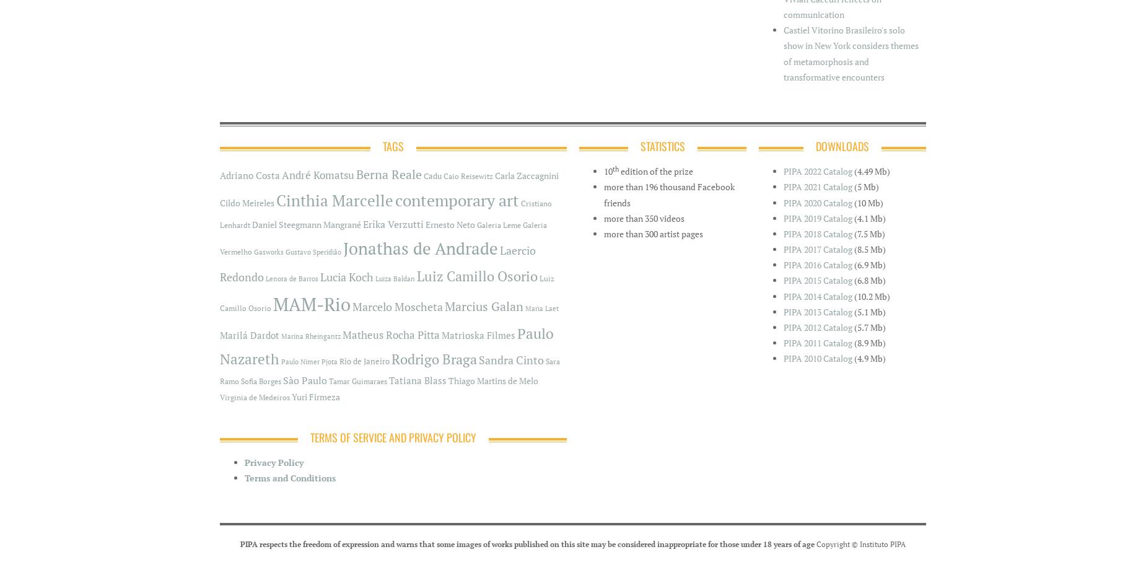 The height and width of the screenshot is (570, 1146). Describe the element at coordinates (868, 202) in the screenshot. I see `'(10 Mb)'` at that location.